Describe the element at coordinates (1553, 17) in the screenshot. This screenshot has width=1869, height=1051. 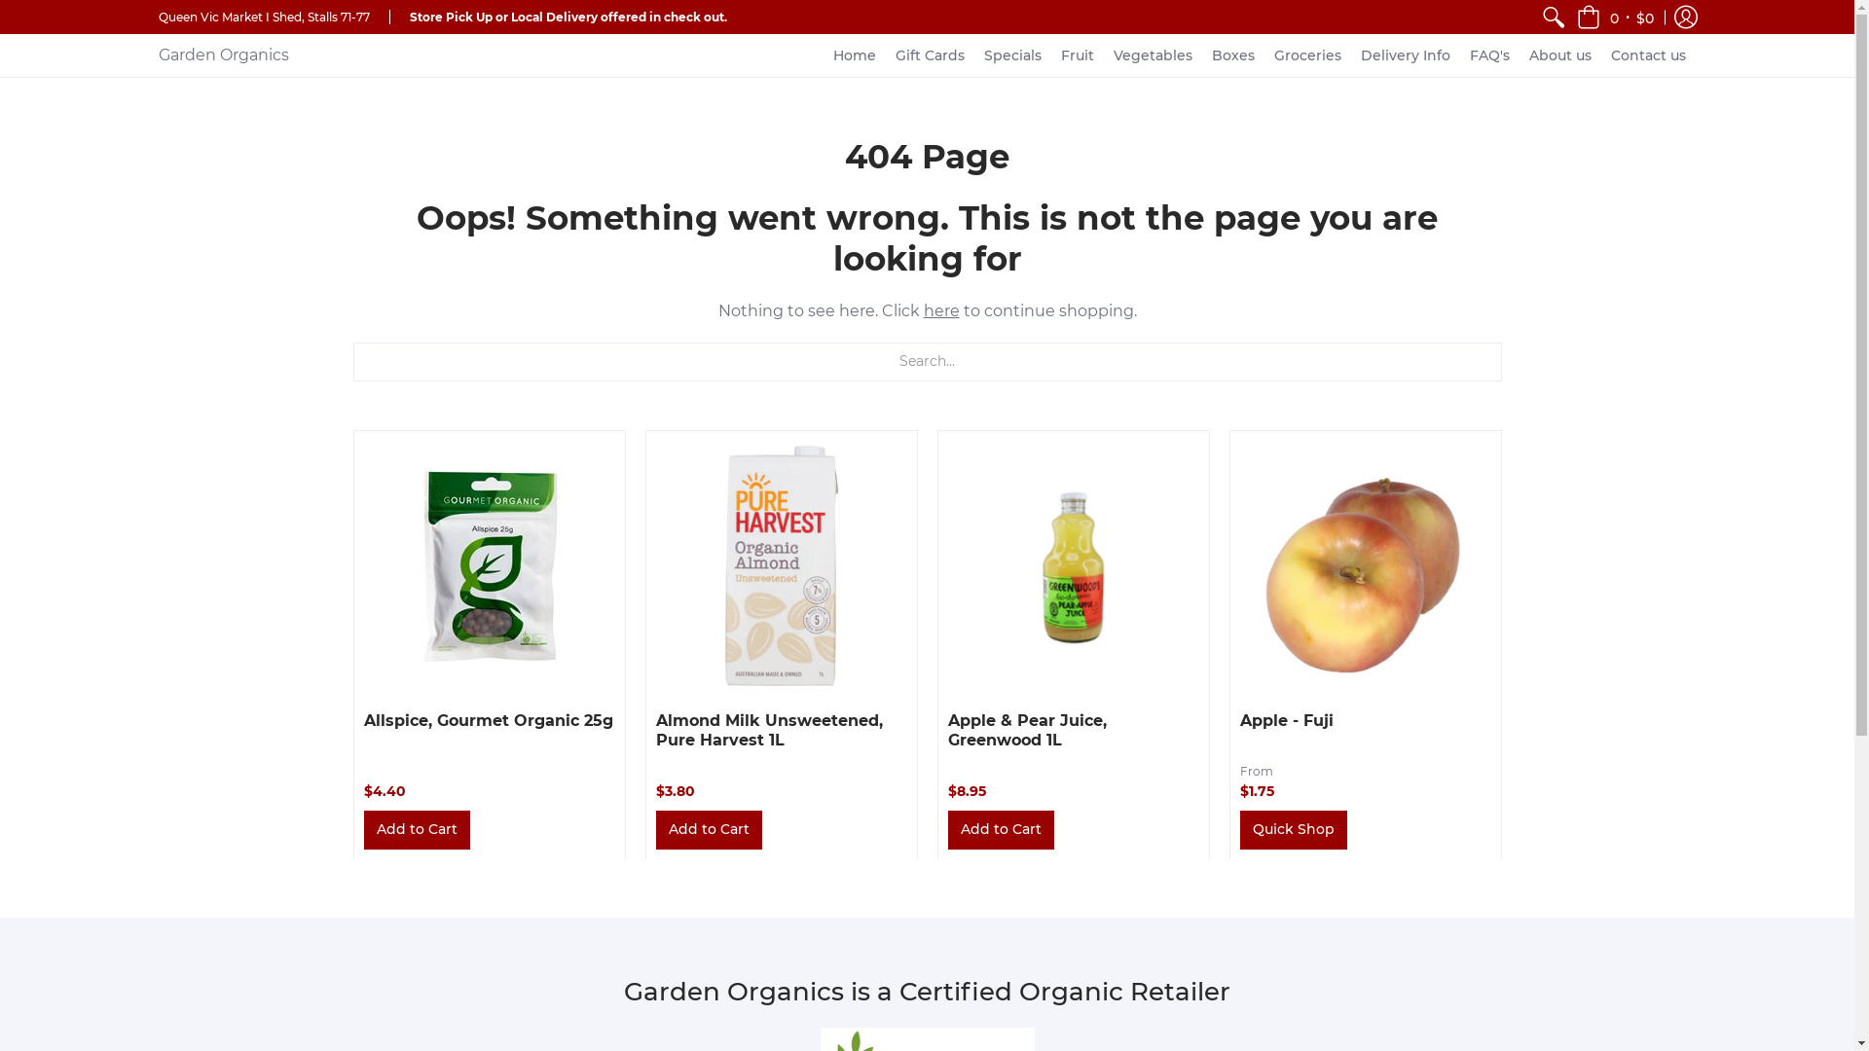
I see `'Search'` at that location.